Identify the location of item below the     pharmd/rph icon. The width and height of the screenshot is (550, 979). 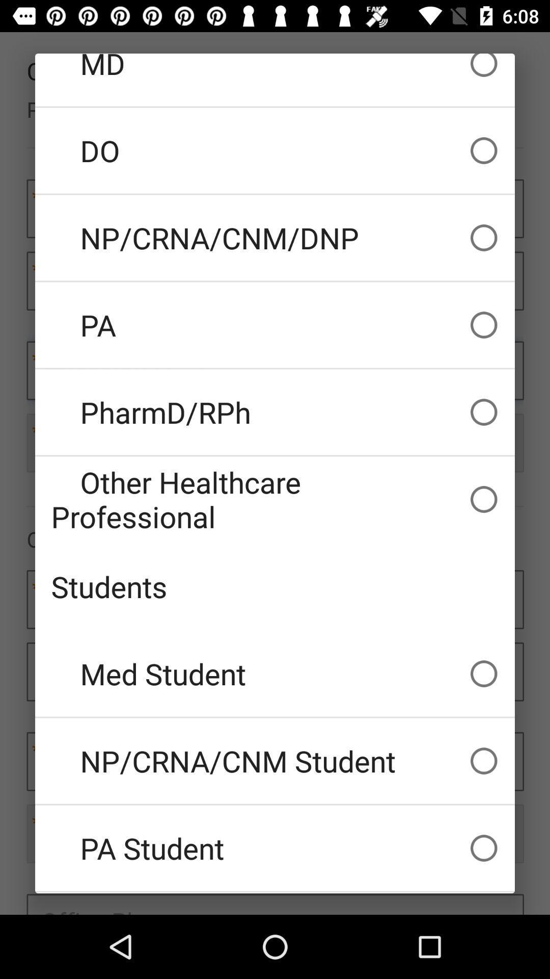
(275, 499).